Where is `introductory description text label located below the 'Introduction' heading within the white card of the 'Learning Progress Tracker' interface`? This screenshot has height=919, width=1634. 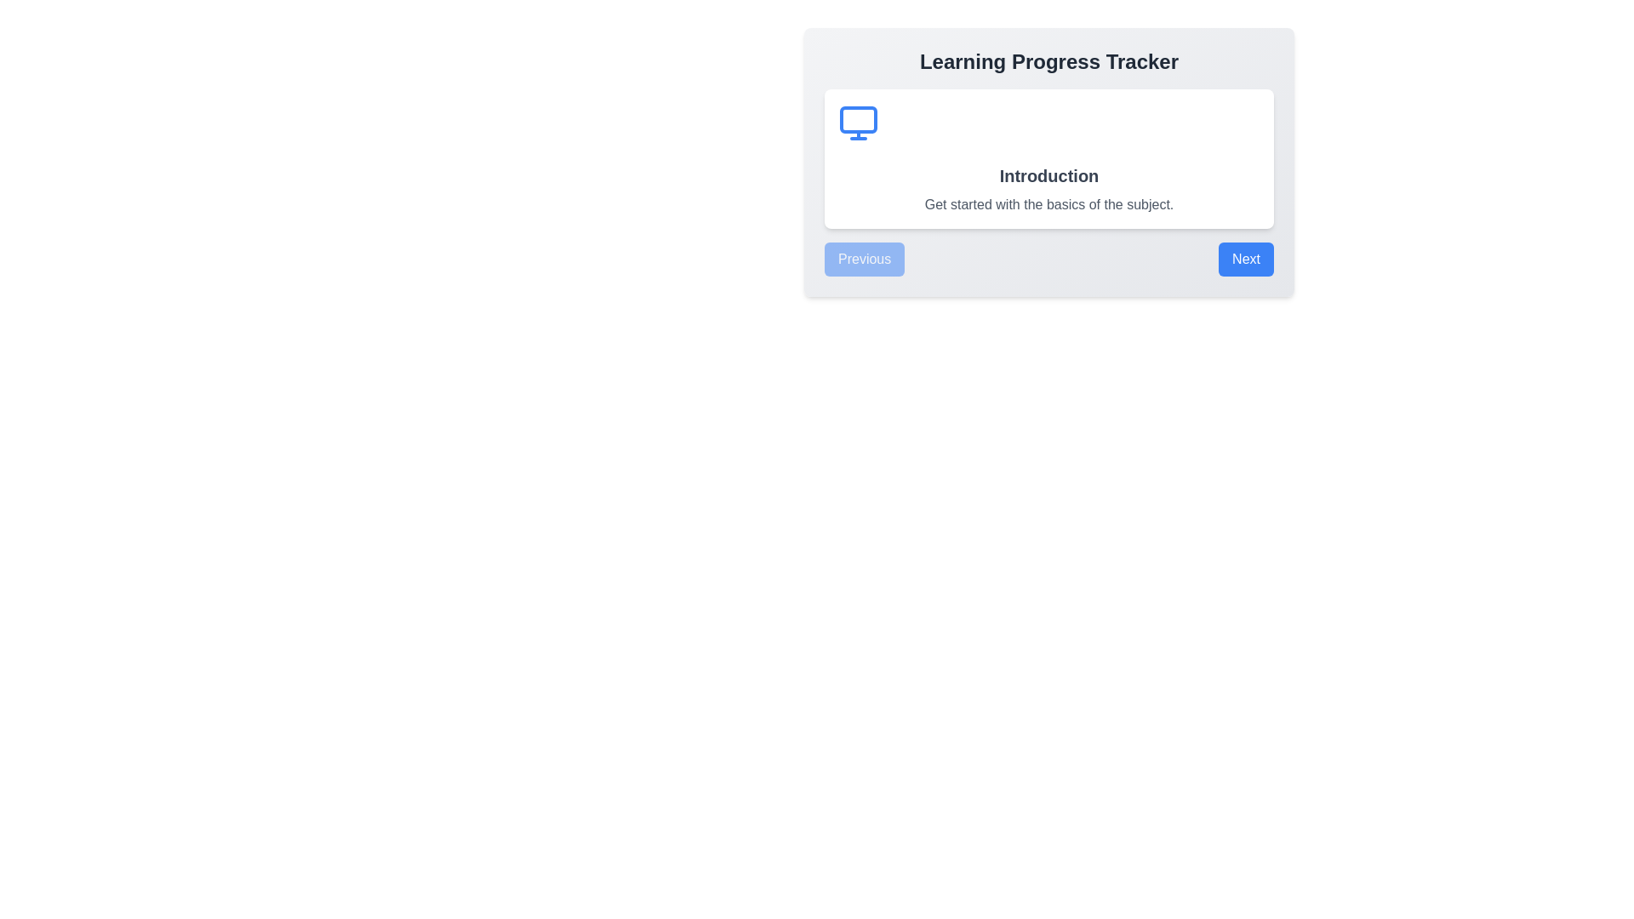 introductory description text label located below the 'Introduction' heading within the white card of the 'Learning Progress Tracker' interface is located at coordinates (1048, 203).